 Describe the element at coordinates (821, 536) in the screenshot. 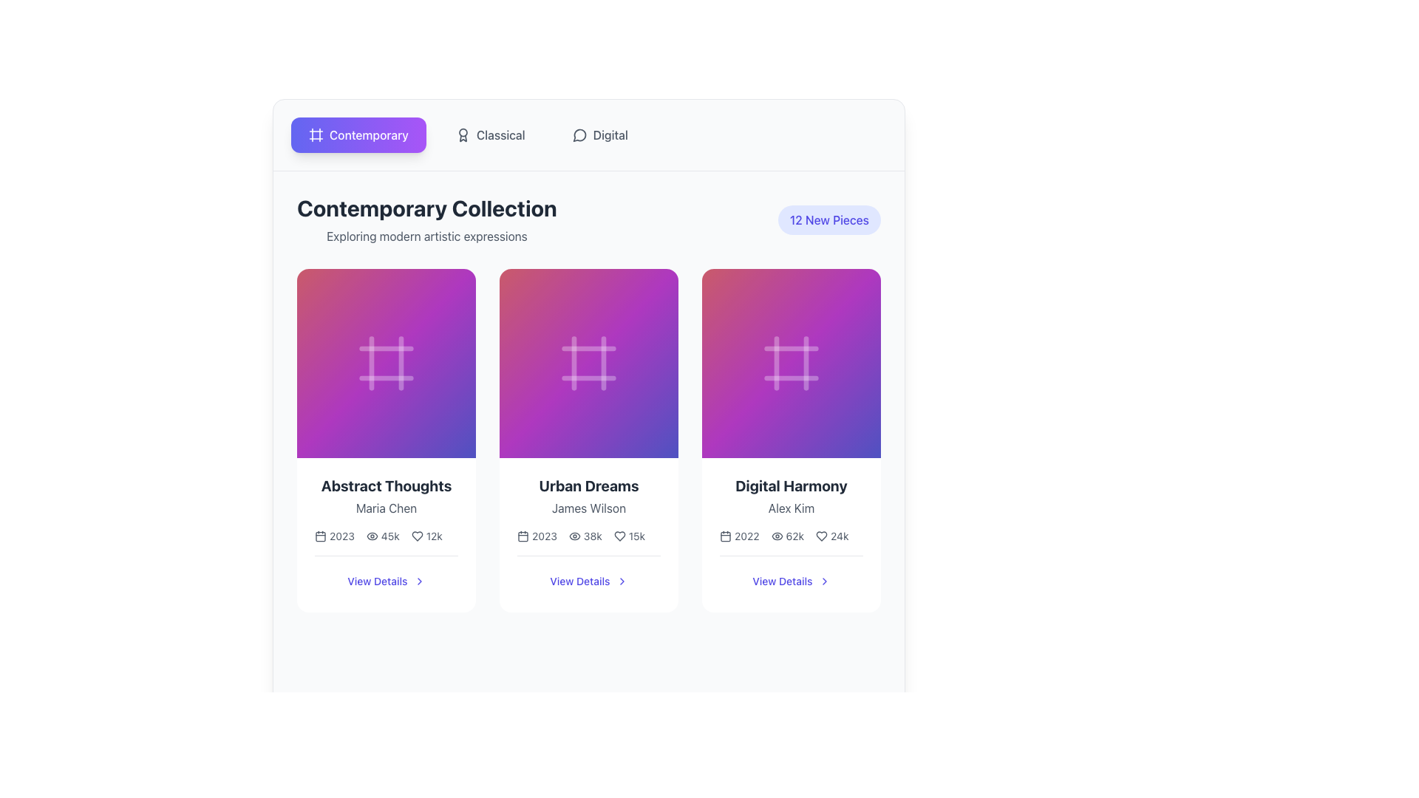

I see `the heart icon located at the bottom of the 'Digital Harmony' card` at that location.